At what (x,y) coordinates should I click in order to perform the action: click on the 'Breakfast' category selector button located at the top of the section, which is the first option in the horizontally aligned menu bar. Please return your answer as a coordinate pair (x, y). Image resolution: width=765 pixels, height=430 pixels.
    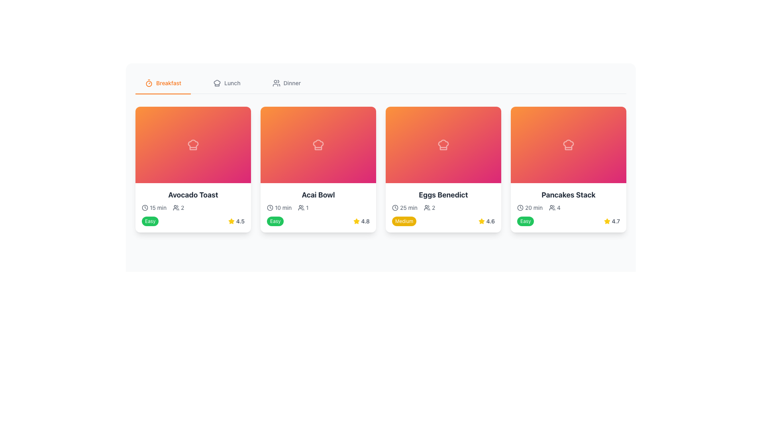
    Looking at the image, I should click on (163, 83).